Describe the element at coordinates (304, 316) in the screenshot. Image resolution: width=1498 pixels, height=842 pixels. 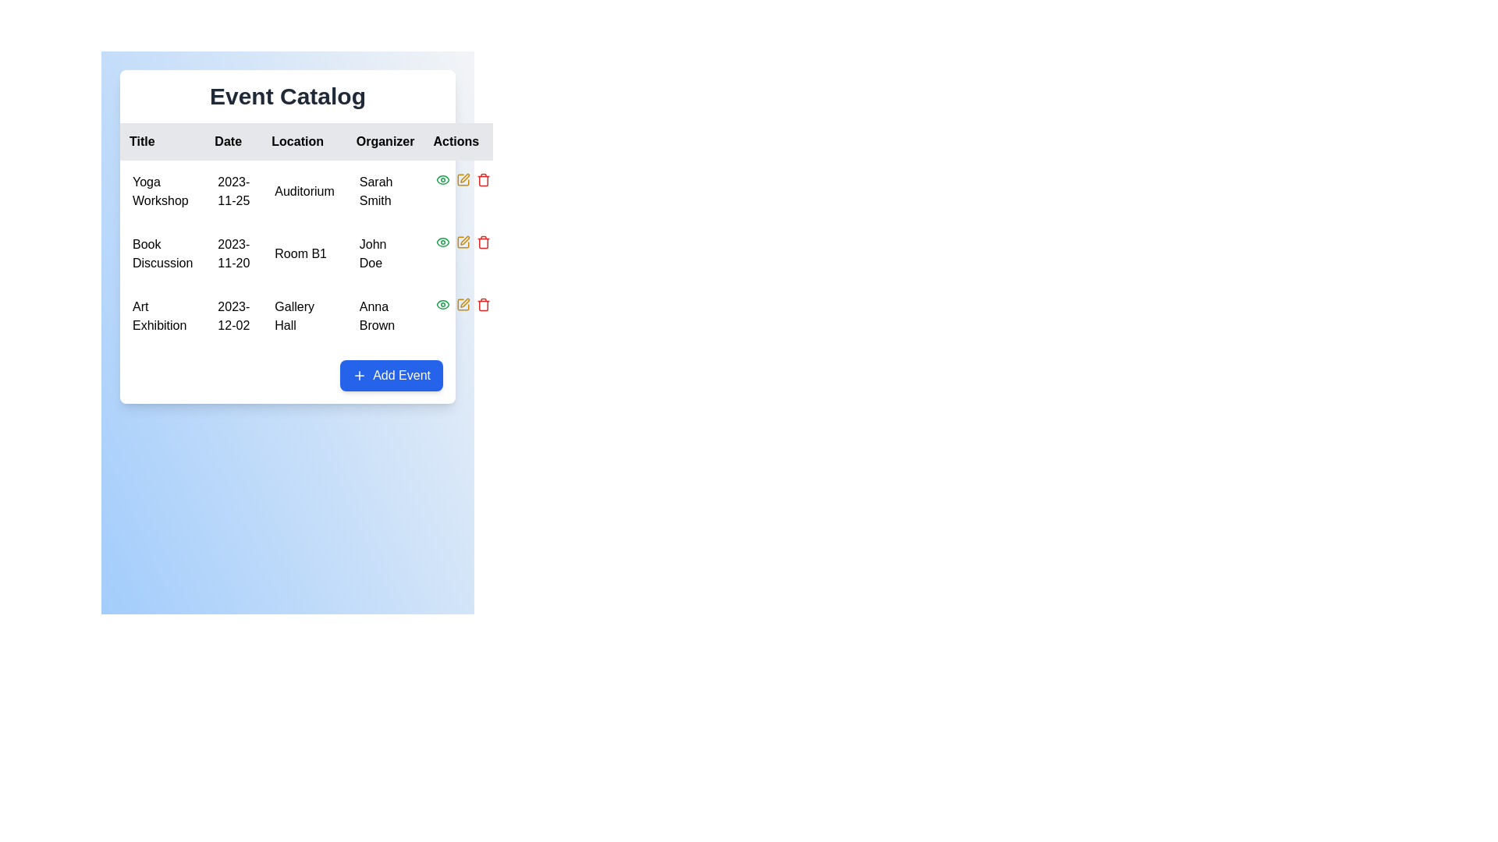
I see `the text element 'Gallery Hall' located in the 'Location' category of the event listing grid, specifically positioned below 'Room B1' in the third row` at that location.